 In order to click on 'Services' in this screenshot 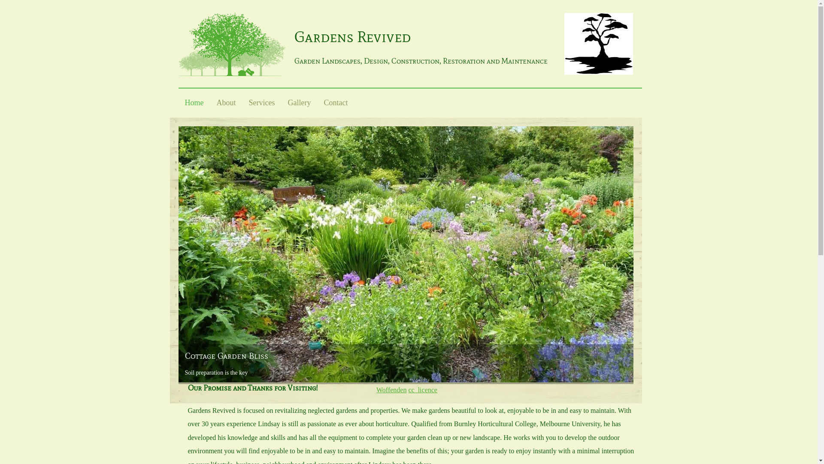, I will do `click(242, 102)`.